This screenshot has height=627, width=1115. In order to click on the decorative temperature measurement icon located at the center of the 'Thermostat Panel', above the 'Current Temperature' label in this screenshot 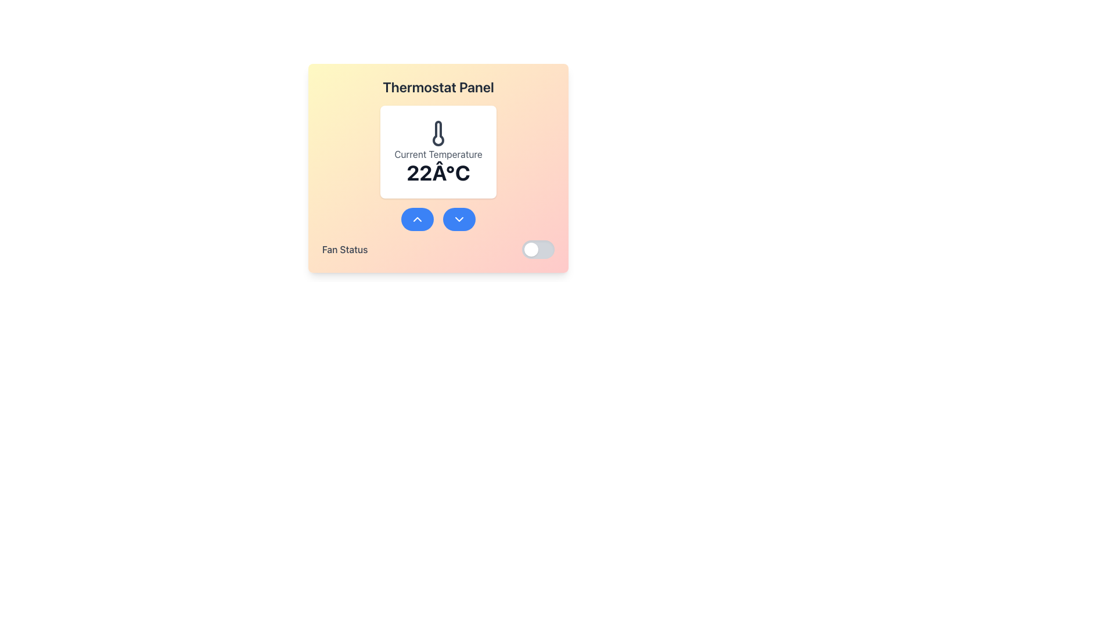, I will do `click(437, 133)`.